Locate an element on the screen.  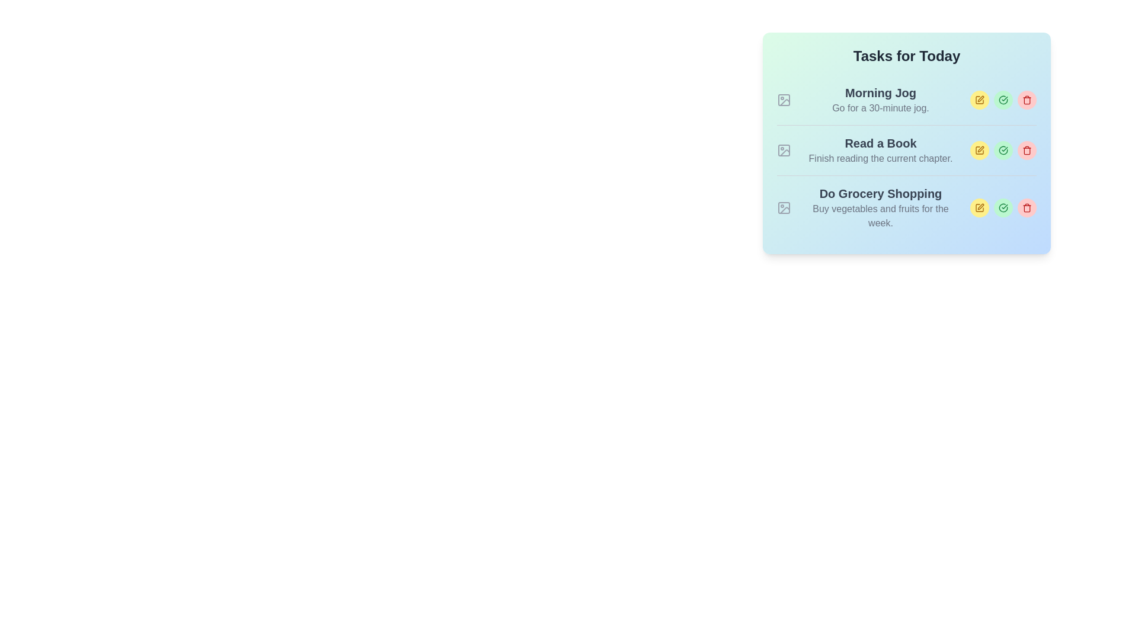
the slanted line in the lower right section of the SVG icon representing a placeholder image is located at coordinates (785, 210).